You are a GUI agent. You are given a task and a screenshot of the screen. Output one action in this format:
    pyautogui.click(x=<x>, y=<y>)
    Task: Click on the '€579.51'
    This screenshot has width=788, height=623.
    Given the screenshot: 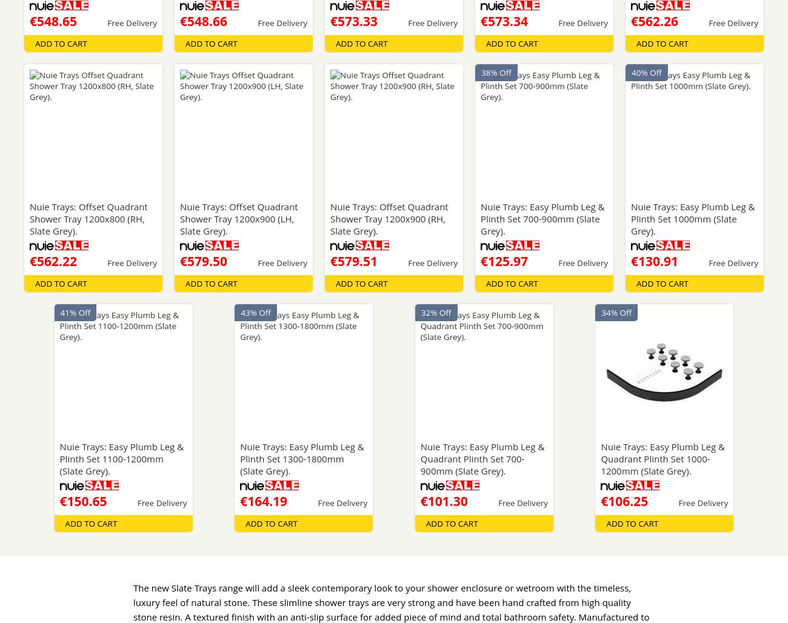 What is the action you would take?
    pyautogui.click(x=353, y=261)
    